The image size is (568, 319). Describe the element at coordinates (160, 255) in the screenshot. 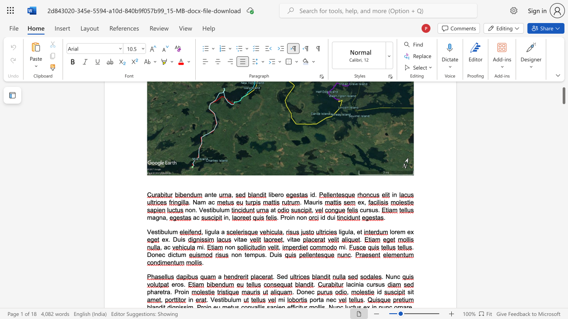

I see `the 1th character "e" in the text` at that location.